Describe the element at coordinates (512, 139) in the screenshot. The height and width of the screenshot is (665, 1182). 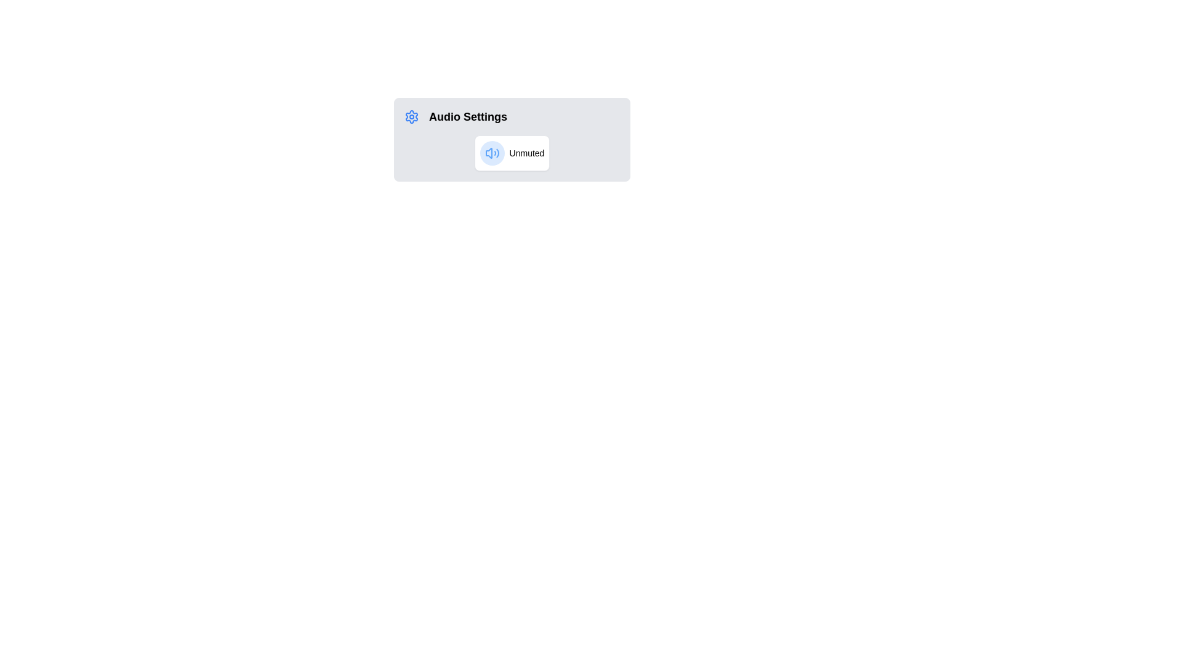
I see `the 'Unmuted' status indicator in the Audio Settings panel, which is a rectangular section with a light gray background and contains a label and a status indicator` at that location.